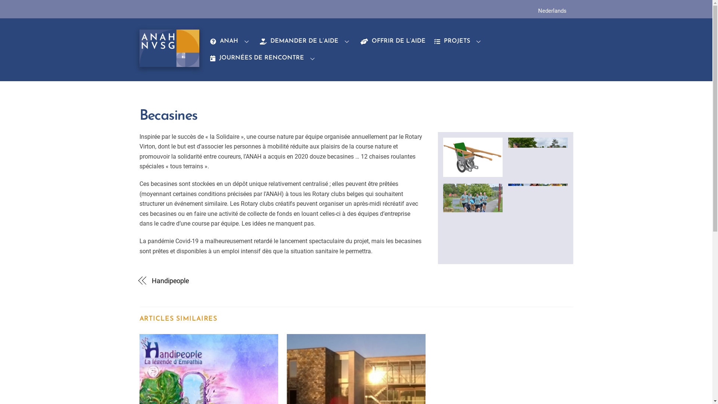 The image size is (718, 404). Describe the element at coordinates (169, 48) in the screenshot. I see `'ANAH-NVSG-logo-400'` at that location.